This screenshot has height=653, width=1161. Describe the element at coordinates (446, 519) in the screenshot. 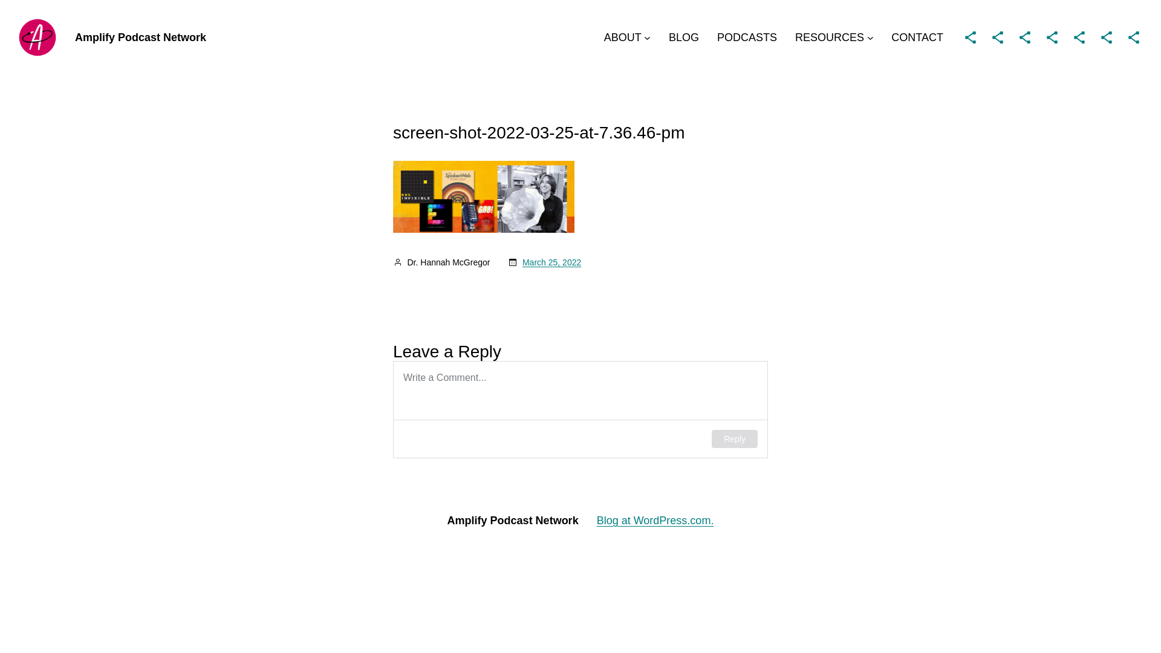

I see `'Amplify Podcast Network'` at that location.